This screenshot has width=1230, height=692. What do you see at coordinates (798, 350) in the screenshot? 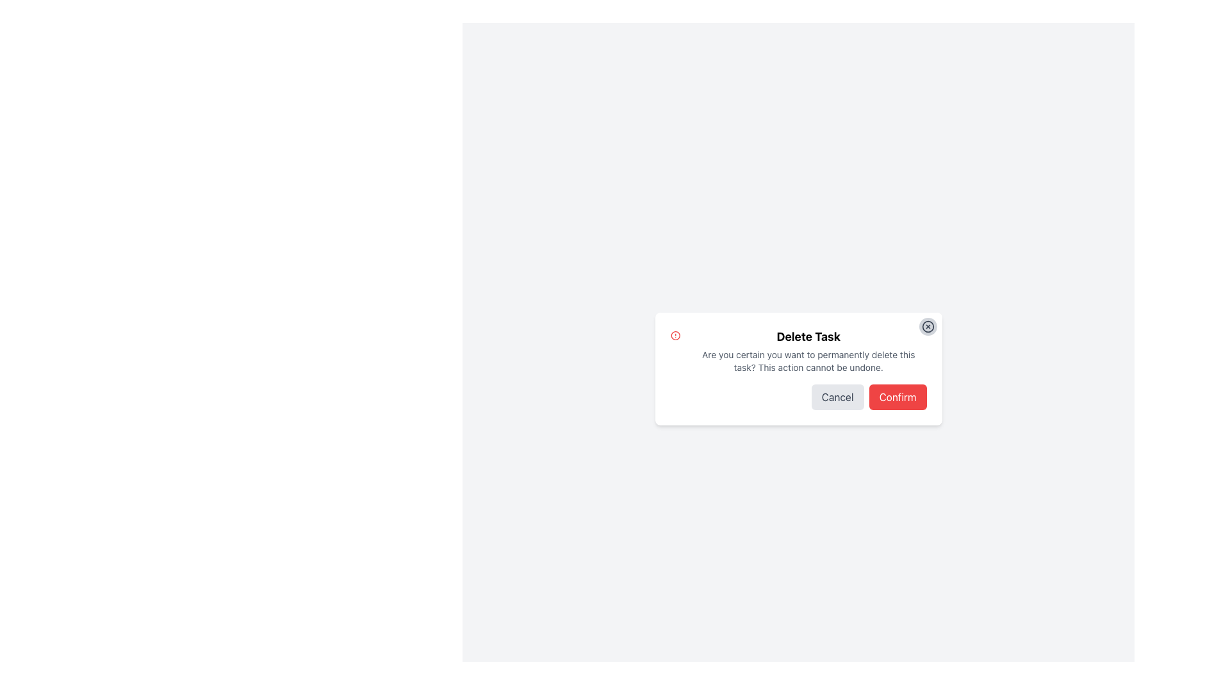
I see `information from the text block titled 'Delete Task', which contains the message 'Are you certain you want to permanently delete this task? This action cannot be undone.'` at bounding box center [798, 350].